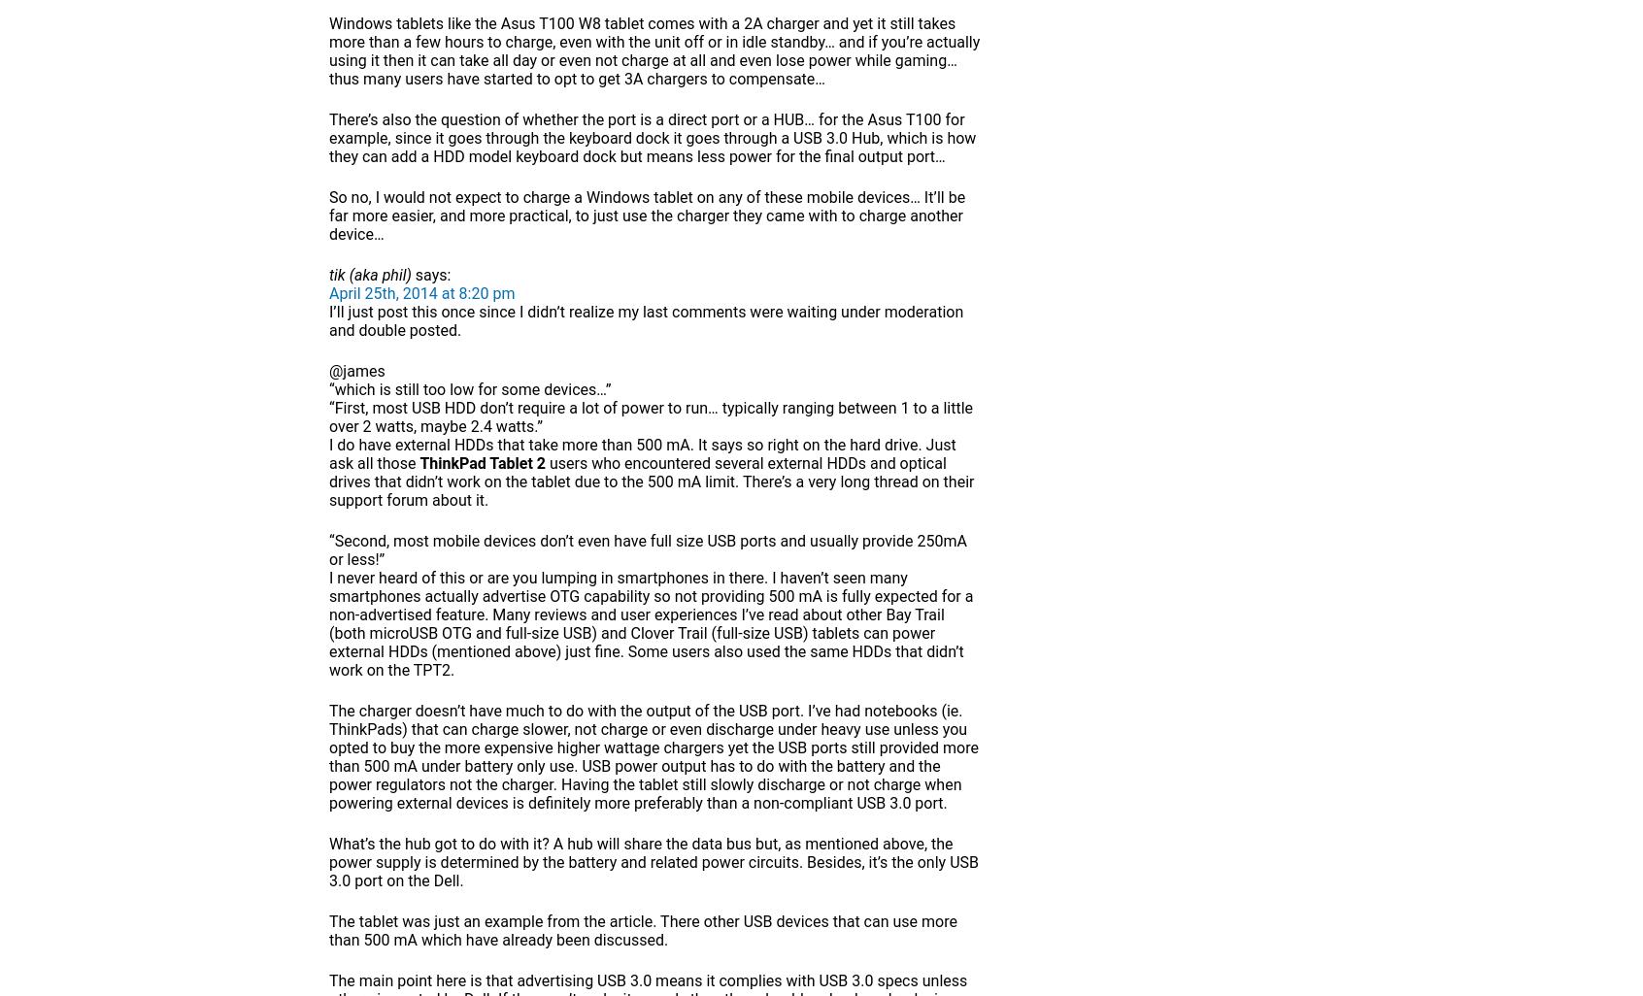 The height and width of the screenshot is (996, 1643). What do you see at coordinates (482, 462) in the screenshot?
I see `'ThinkPad Tablet 2'` at bounding box center [482, 462].